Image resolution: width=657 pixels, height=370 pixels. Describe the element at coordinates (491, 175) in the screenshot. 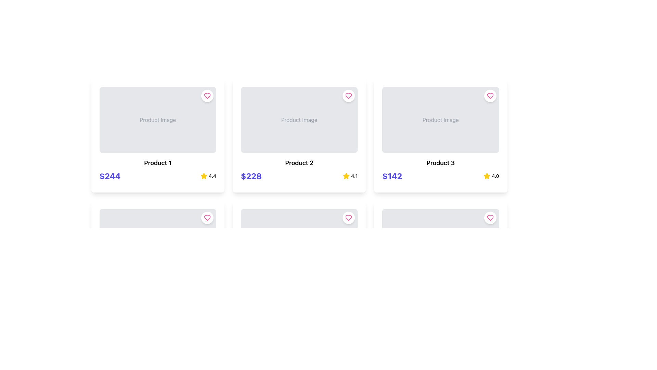

I see `rating value displayed in the Rating indicator, which consists of a yellow star icon and the text '4.0' located in the bottom right corner of the third product card` at that location.